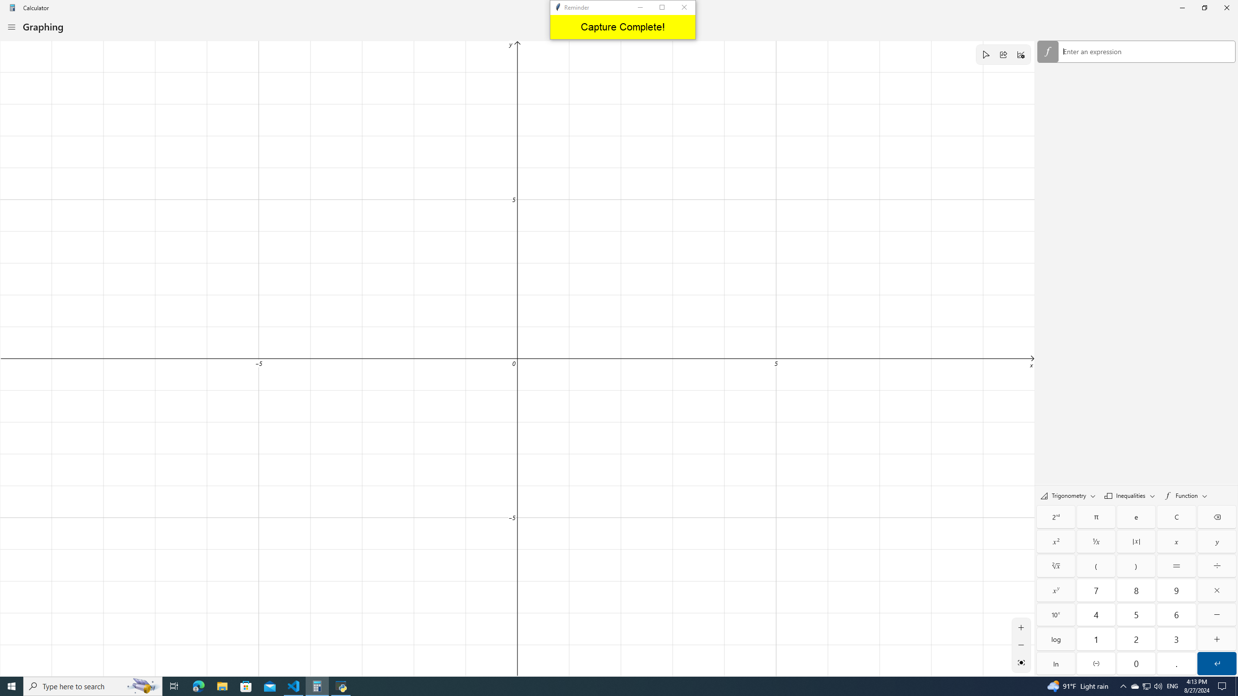 The height and width of the screenshot is (696, 1238). I want to click on 'Open Navigation', so click(12, 26).